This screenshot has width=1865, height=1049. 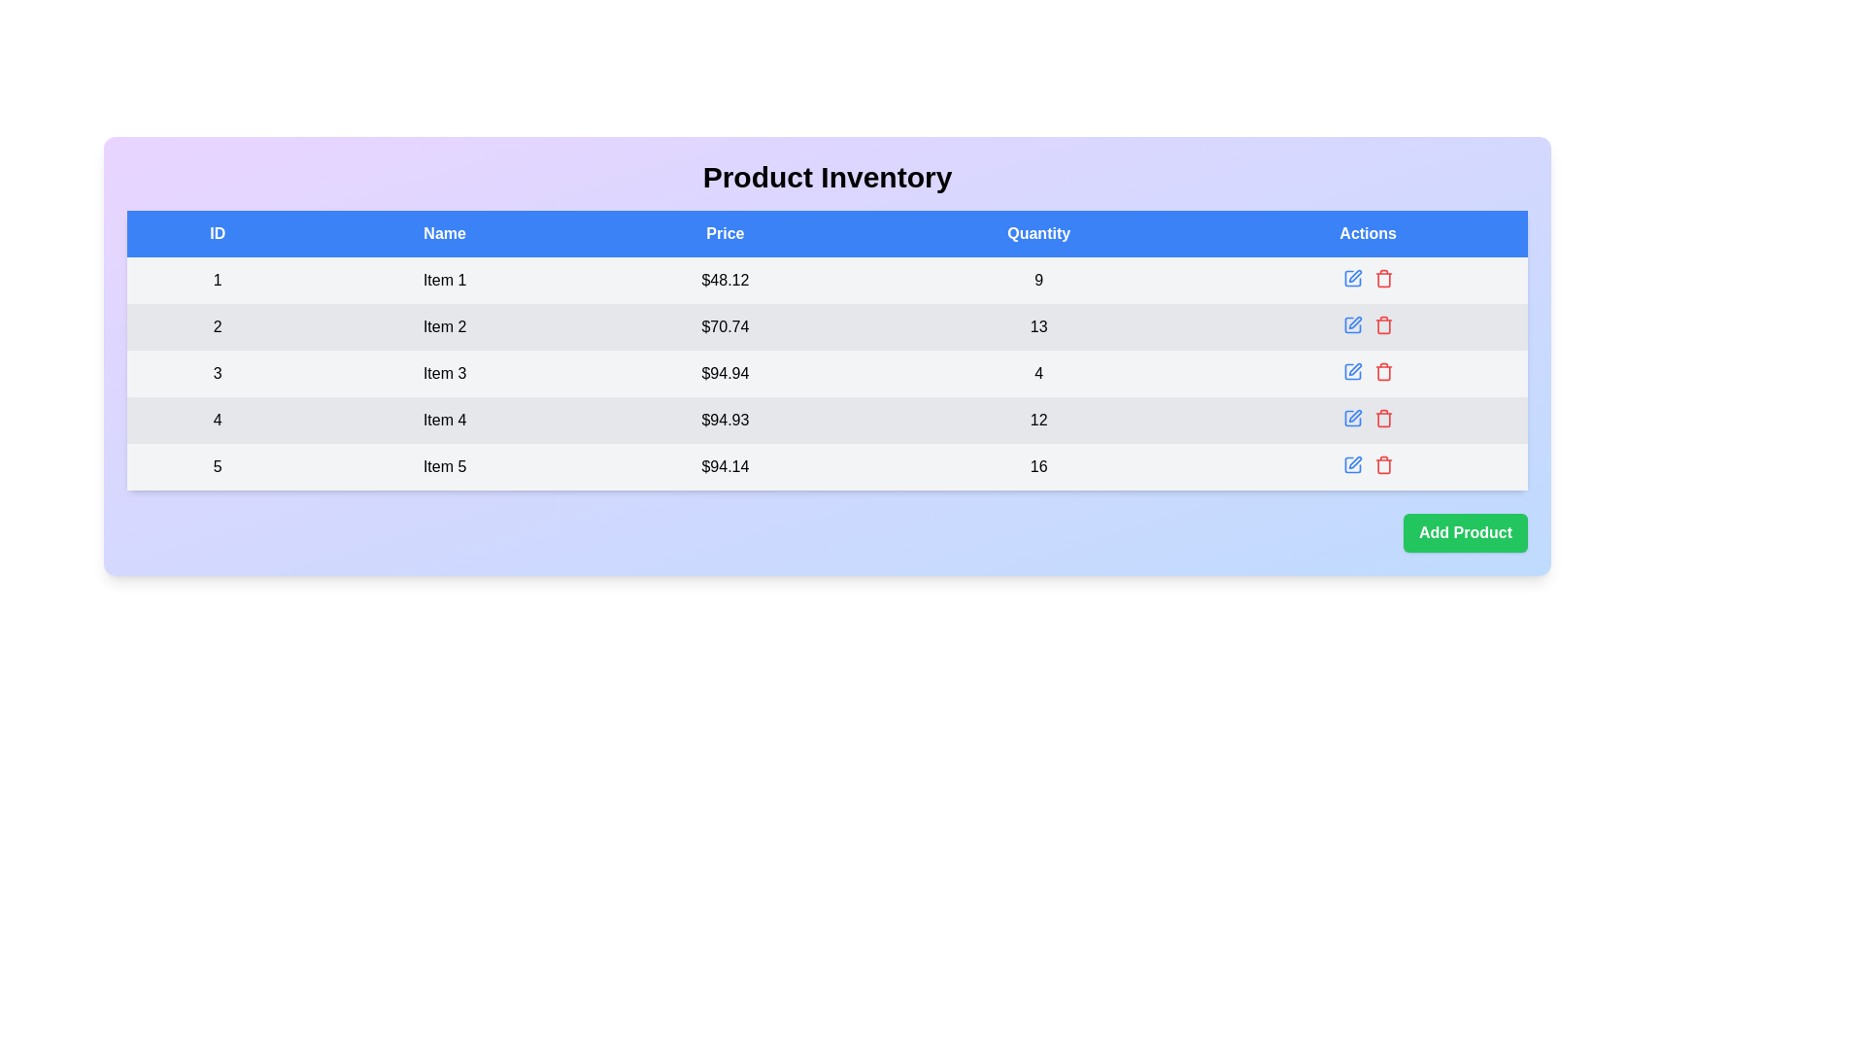 What do you see at coordinates (1037, 467) in the screenshot?
I see `the table cell displaying the number '16'` at bounding box center [1037, 467].